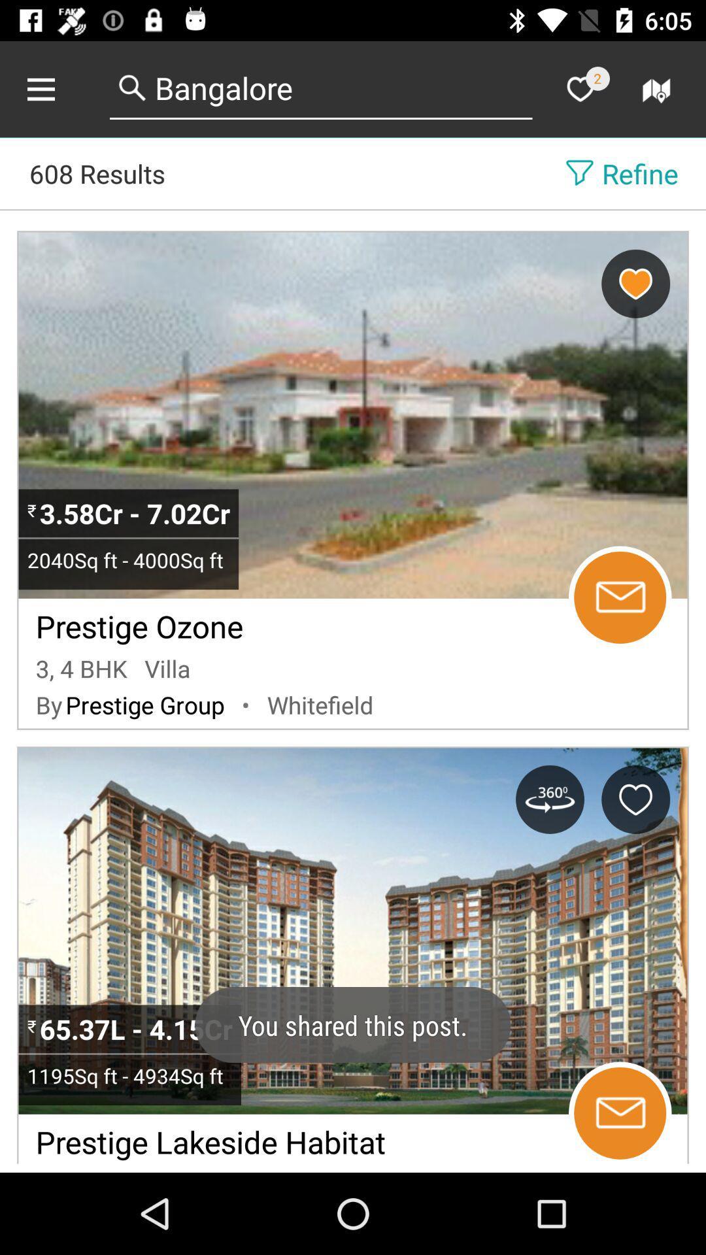 The width and height of the screenshot is (706, 1255). Describe the element at coordinates (139, 1028) in the screenshot. I see `the 65 37l 4 item` at that location.